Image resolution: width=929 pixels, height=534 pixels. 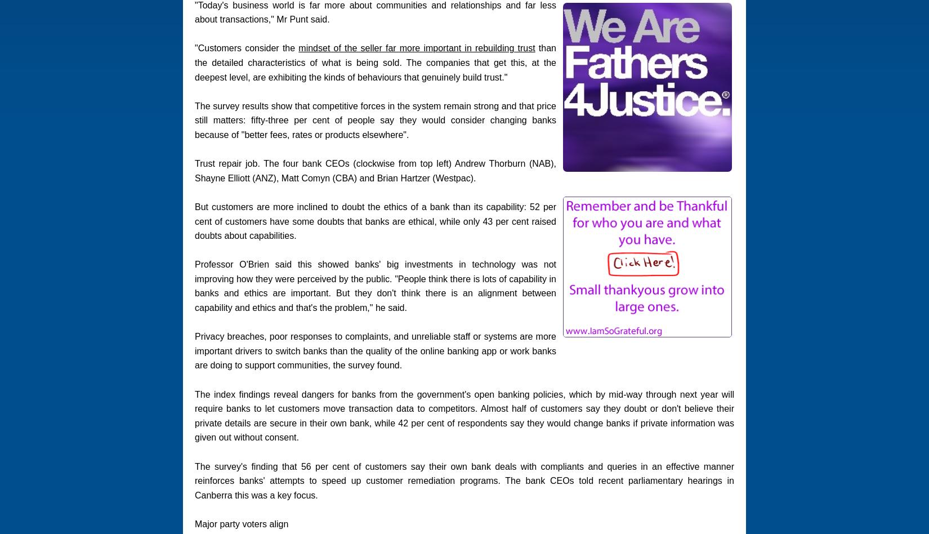 What do you see at coordinates (374, 286) in the screenshot?
I see `'Professor O'Brien said this showed banks' big investments in technology was not improving how they were perceived by the public. "People think there is lots of capability in banks and ethics are important. But they don't think there is an alignment between capability and ethics and that's the problem," he said.'` at bounding box center [374, 286].